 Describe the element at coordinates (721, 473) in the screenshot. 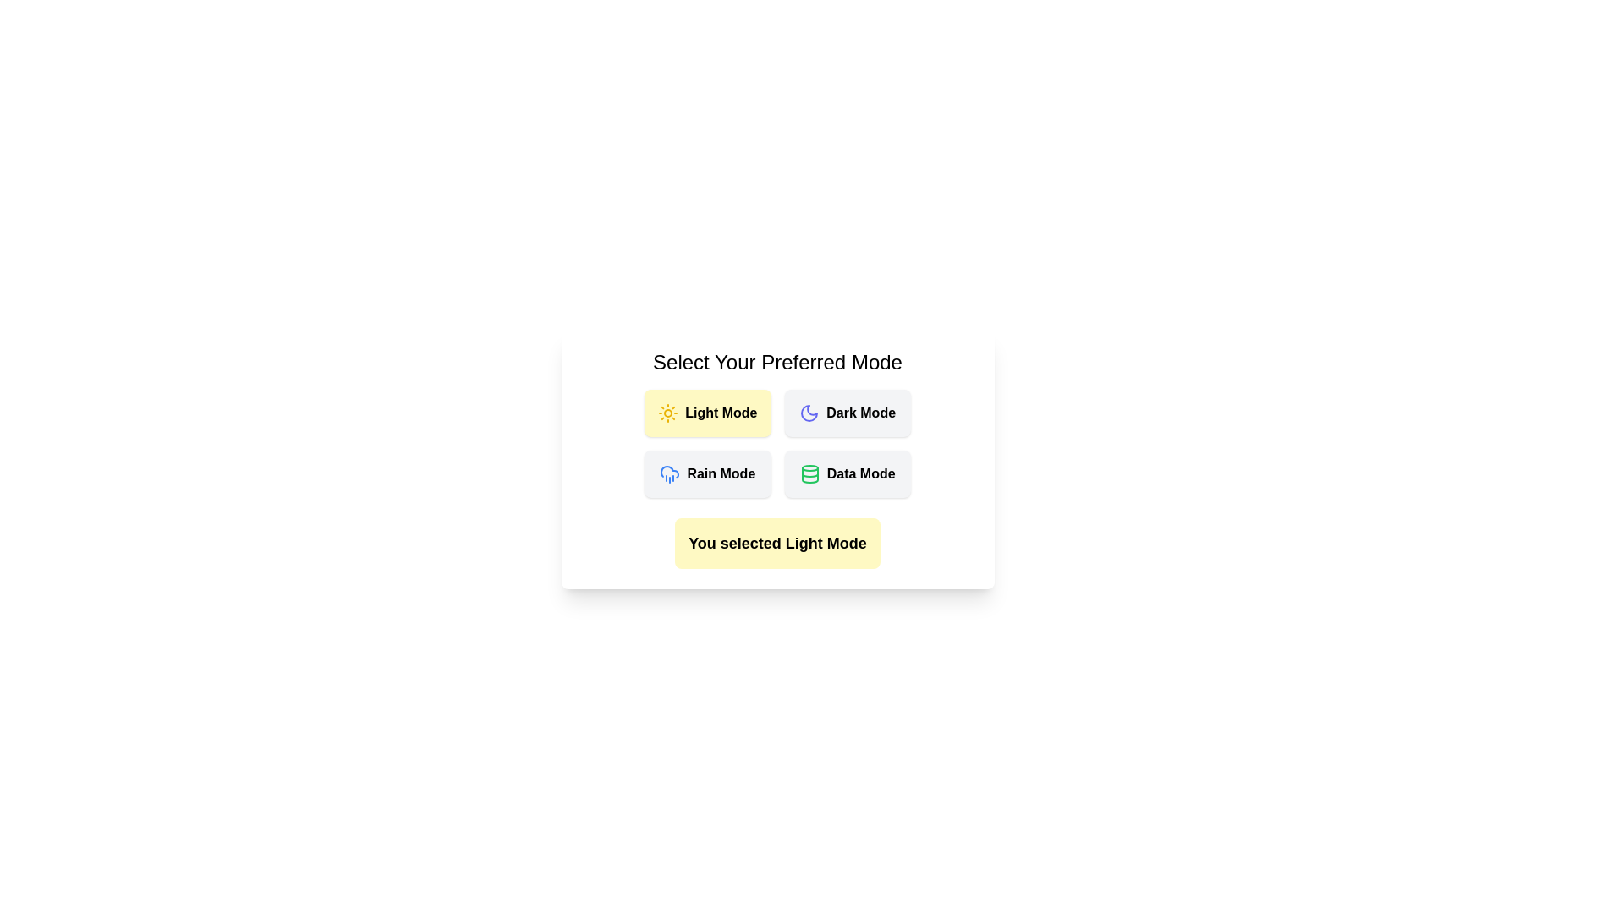

I see `the 'Rain Mode' selection button, which is labeled with the text 'Rain Mode' and located adjacent to a cloud and rain icon, to make a selection` at that location.